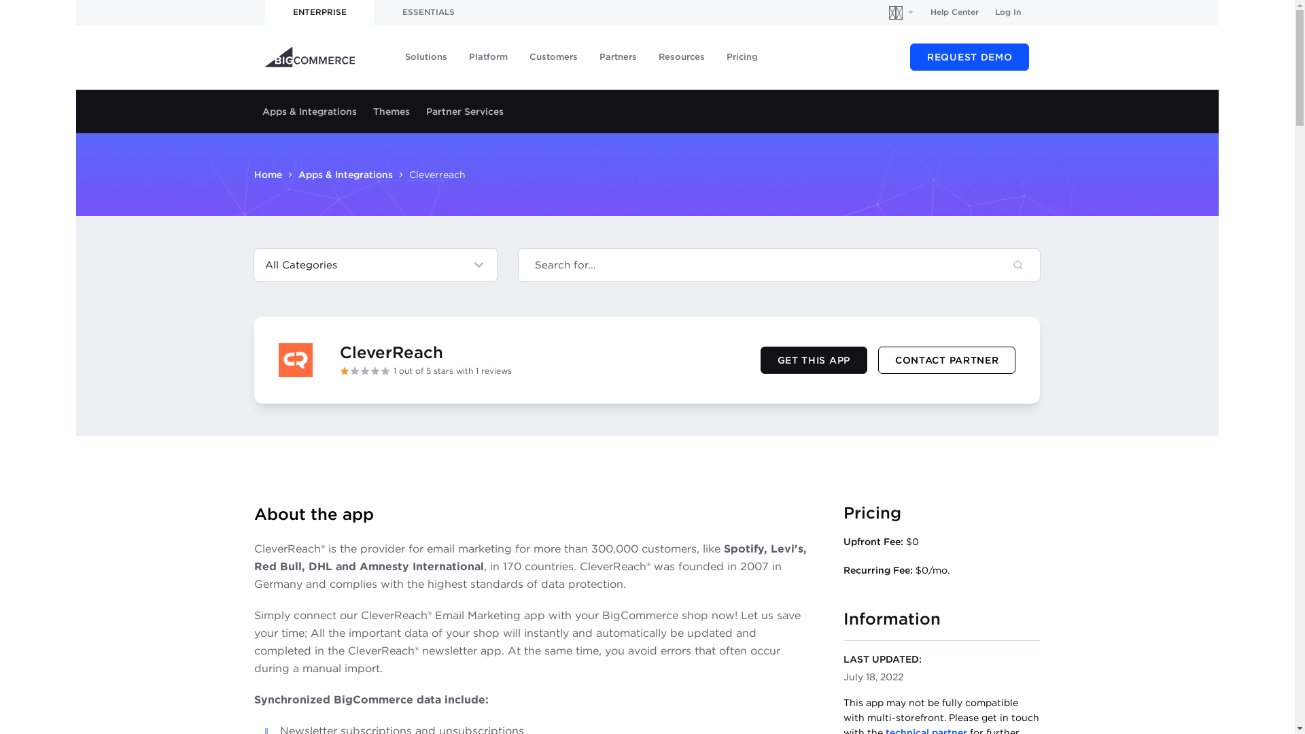  Describe the element at coordinates (969, 56) in the screenshot. I see `'REQUEST DEMO'` at that location.